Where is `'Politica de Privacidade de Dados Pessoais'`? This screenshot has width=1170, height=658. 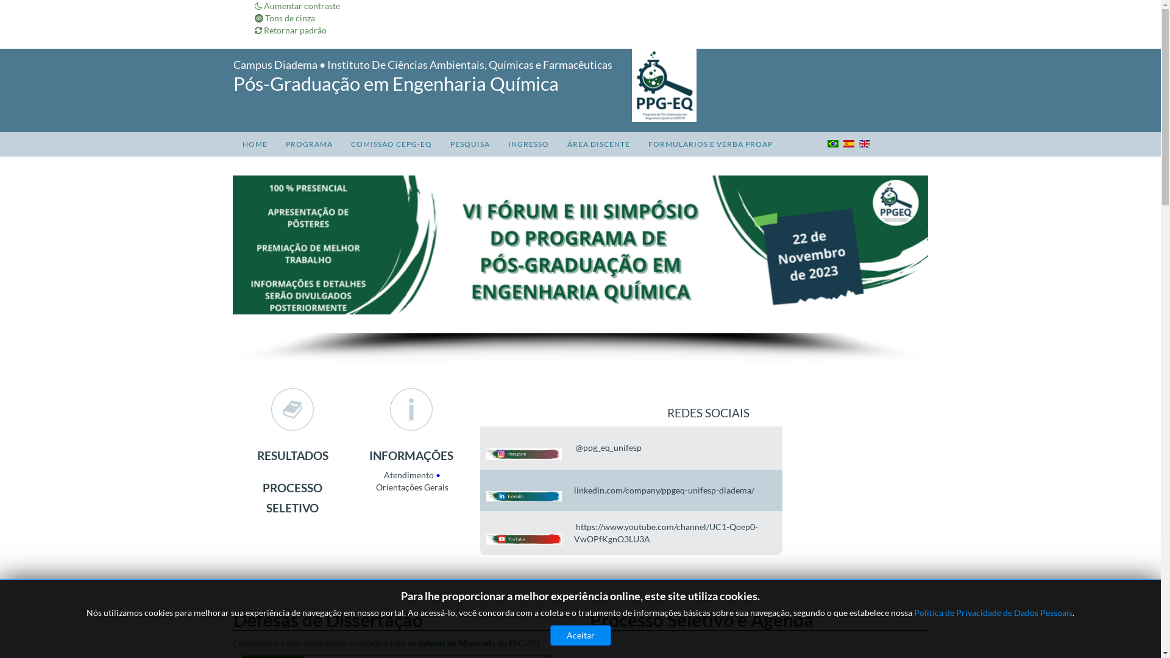 'Politica de Privacidade de Dados Pessoais' is located at coordinates (993, 612).